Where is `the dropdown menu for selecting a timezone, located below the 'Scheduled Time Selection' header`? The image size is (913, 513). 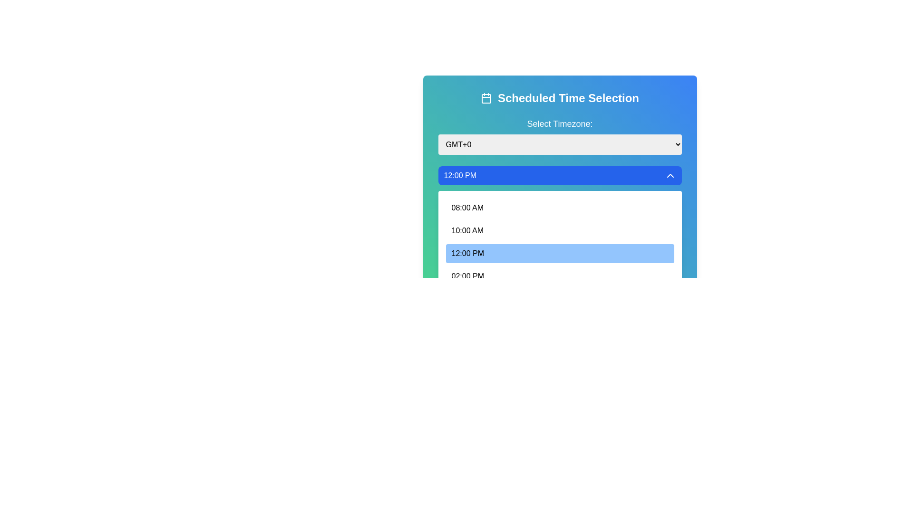 the dropdown menu for selecting a timezone, located below the 'Scheduled Time Selection' header is located at coordinates (560, 136).